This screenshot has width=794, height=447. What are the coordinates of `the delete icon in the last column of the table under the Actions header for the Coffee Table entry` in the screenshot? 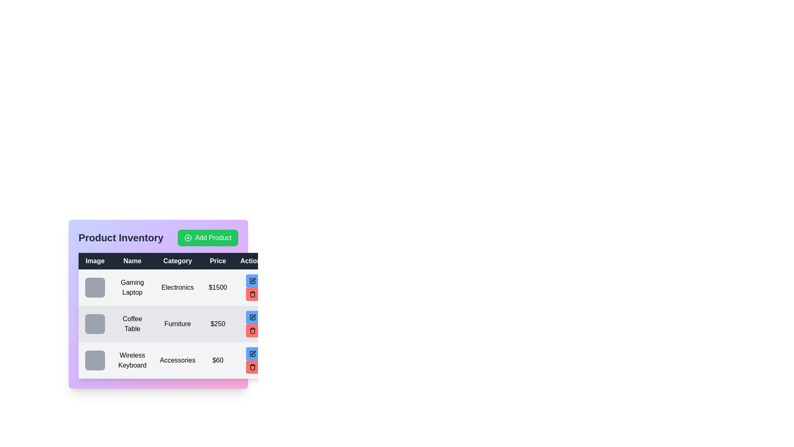 It's located at (252, 331).